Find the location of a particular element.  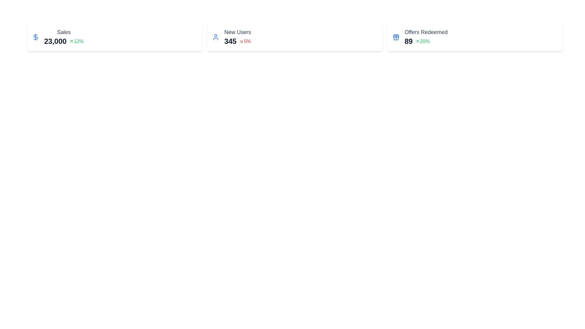

the Summary card that presents statistical information about 'New Users', which is the second card in a grid layout, located centrally between 'Sales' and 'Offers Redeemed' is located at coordinates (295, 37).